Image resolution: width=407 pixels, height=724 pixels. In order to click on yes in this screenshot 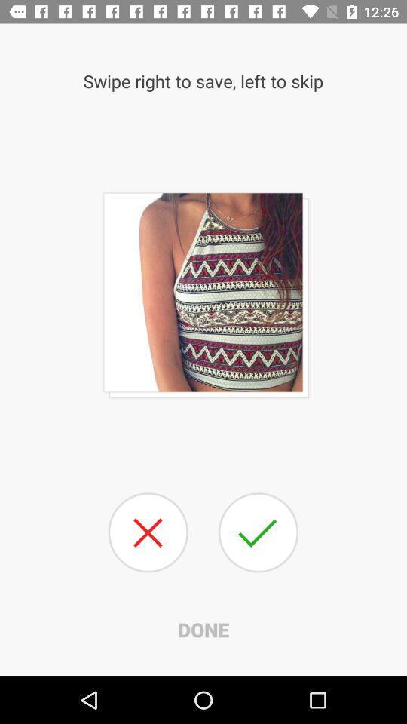, I will do `click(257, 532)`.